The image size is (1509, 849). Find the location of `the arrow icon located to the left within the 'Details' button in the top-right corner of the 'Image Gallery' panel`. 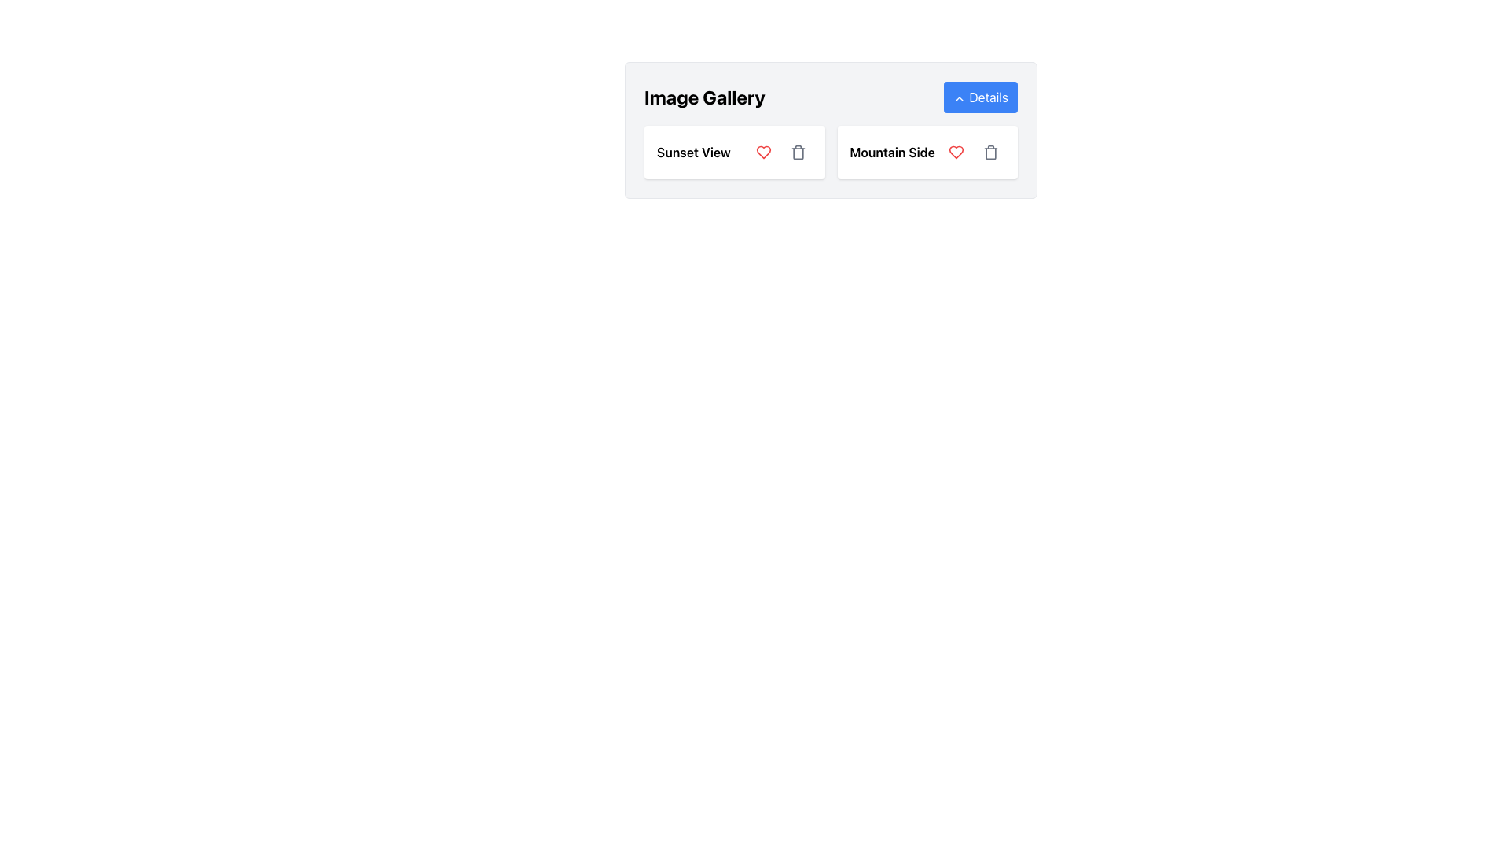

the arrow icon located to the left within the 'Details' button in the top-right corner of the 'Image Gallery' panel is located at coordinates (959, 98).